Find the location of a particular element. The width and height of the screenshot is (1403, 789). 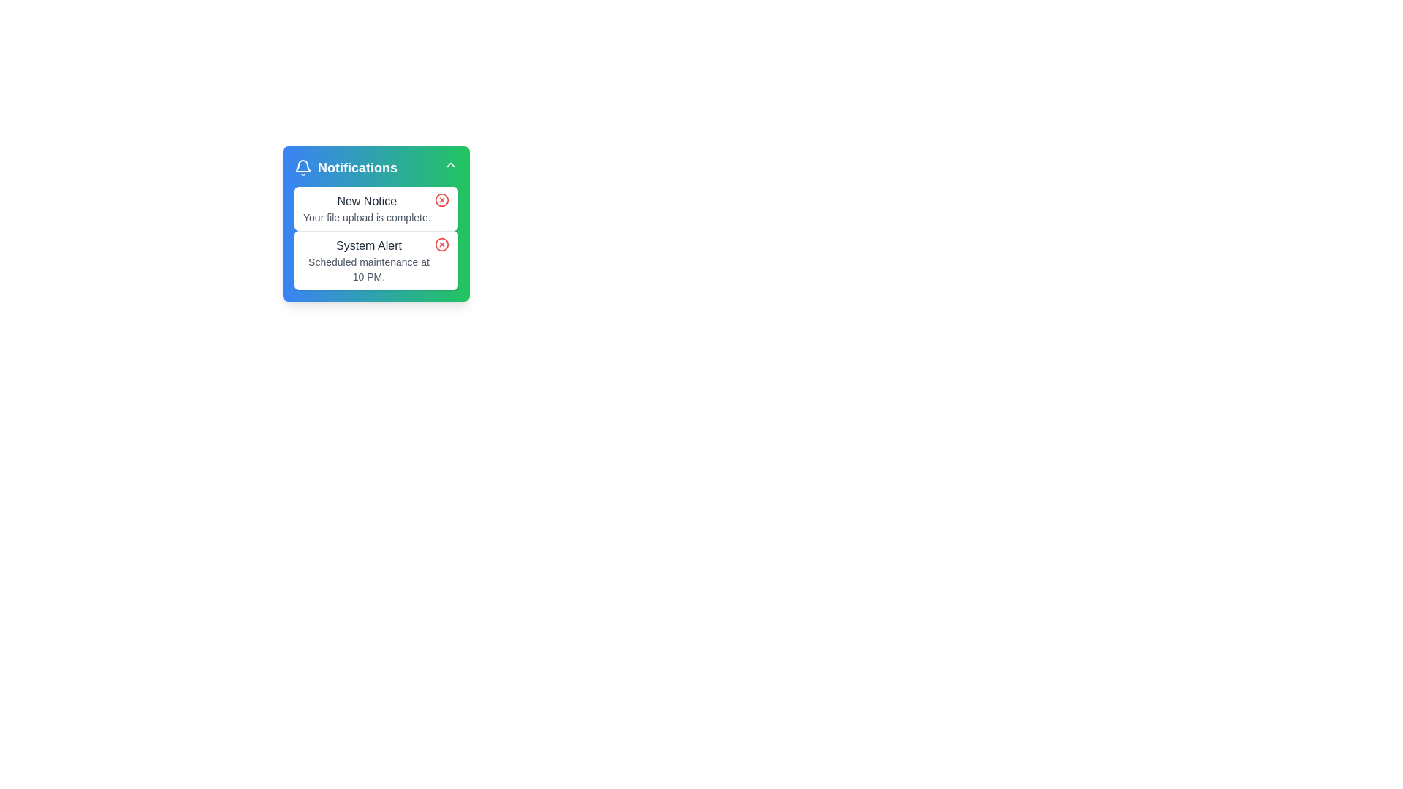

the title label of the notification card located in the top-left section, which serves as a heading for the notifications is located at coordinates (345, 167).